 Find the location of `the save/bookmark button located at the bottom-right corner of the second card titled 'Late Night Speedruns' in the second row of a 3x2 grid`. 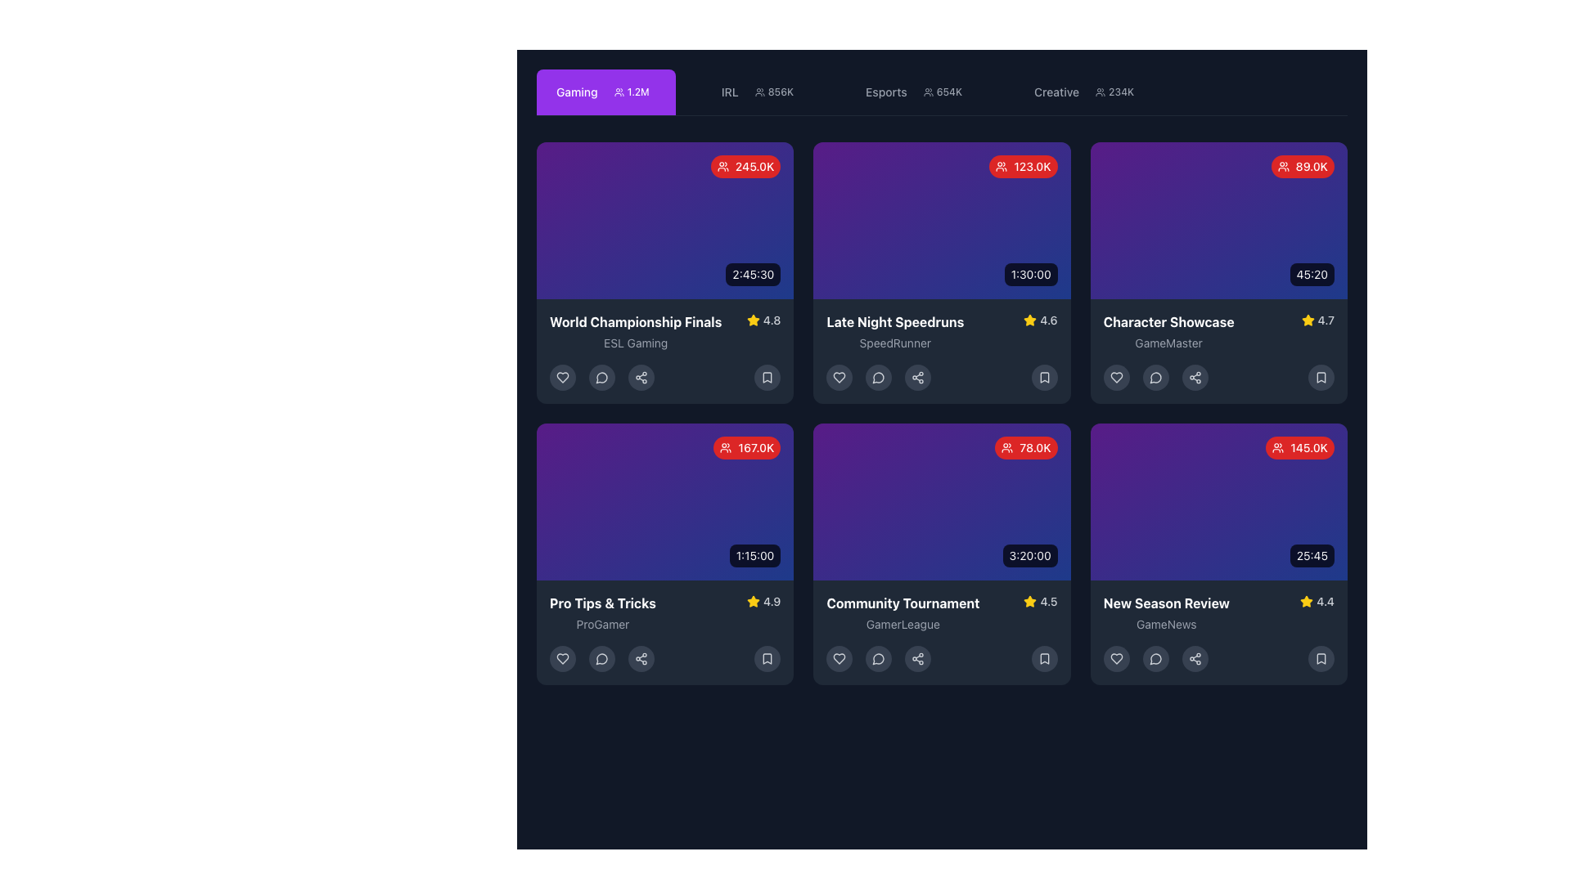

the save/bookmark button located at the bottom-right corner of the second card titled 'Late Night Speedruns' in the second row of a 3x2 grid is located at coordinates (1043, 378).